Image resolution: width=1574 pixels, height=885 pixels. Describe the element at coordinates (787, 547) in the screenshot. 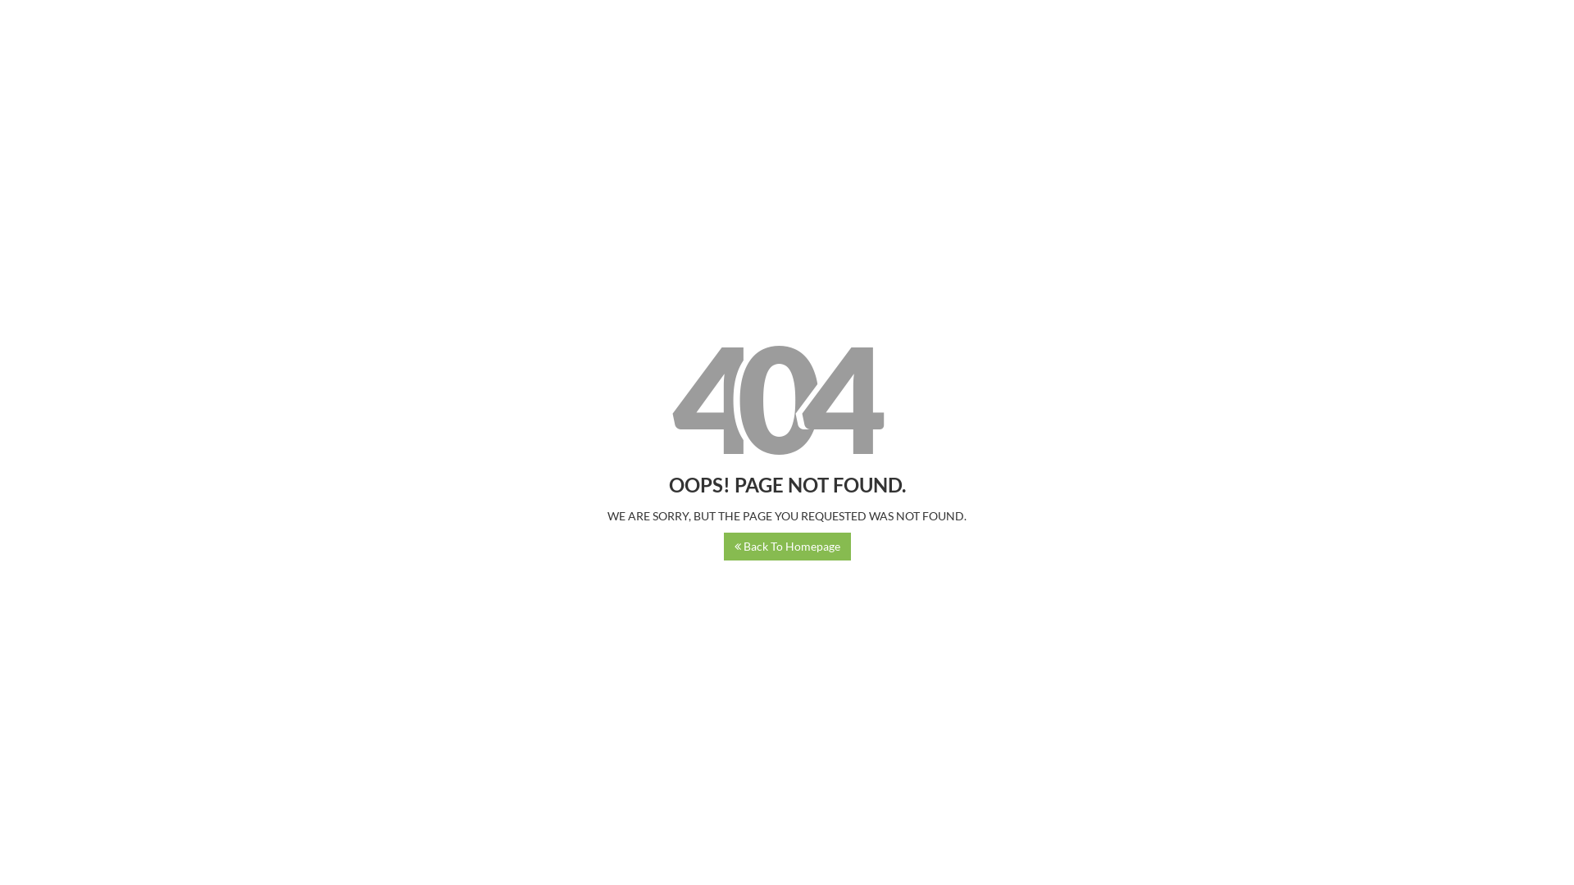

I see `'Back To Homepage'` at that location.